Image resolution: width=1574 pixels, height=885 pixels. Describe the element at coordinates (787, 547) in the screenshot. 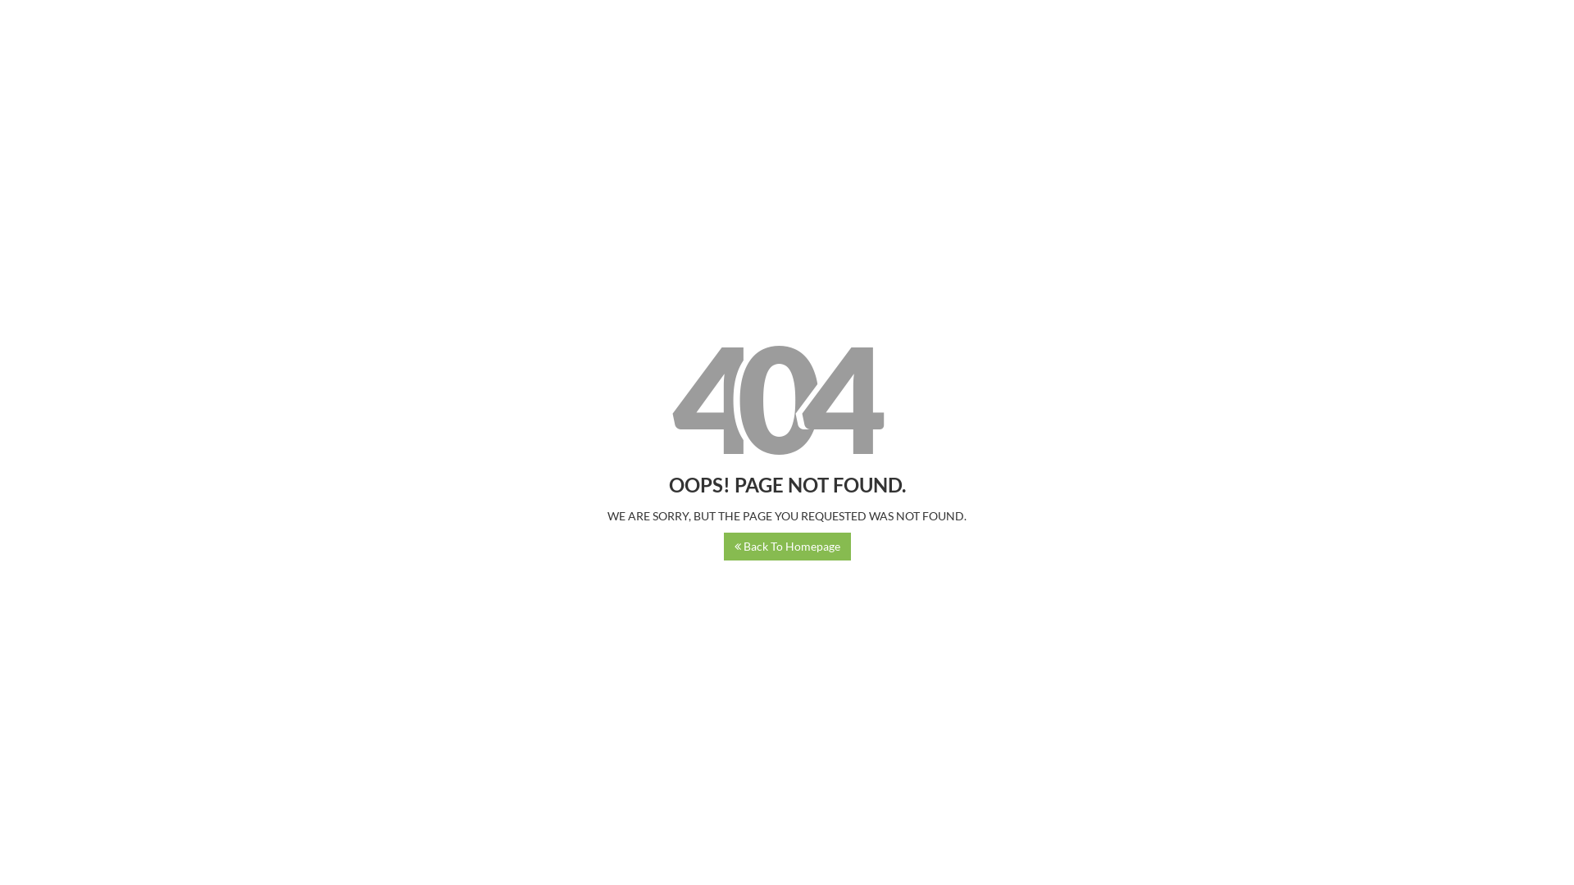

I see `'Back To Homepage'` at that location.